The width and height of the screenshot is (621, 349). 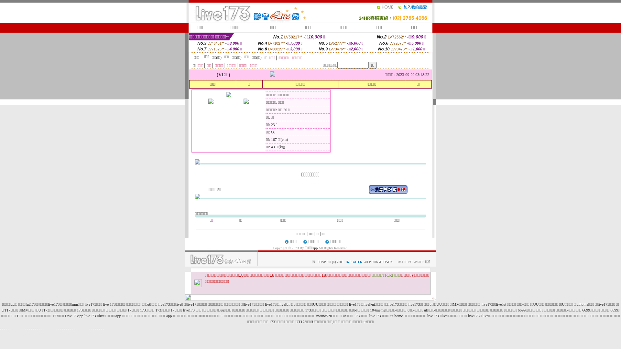 What do you see at coordinates (6, 328) in the screenshot?
I see `'.'` at bounding box center [6, 328].